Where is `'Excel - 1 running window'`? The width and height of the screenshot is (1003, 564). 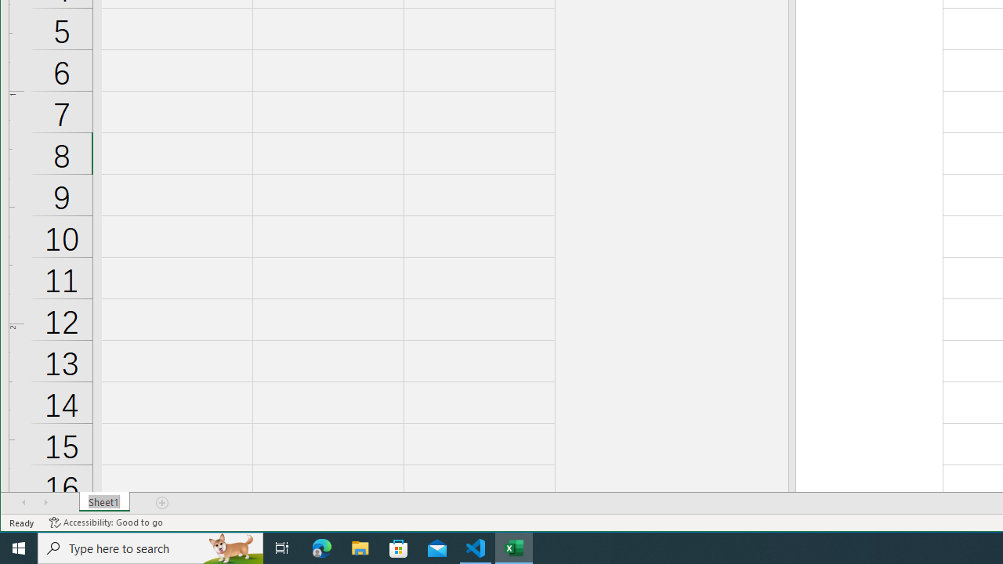
'Excel - 1 running window' is located at coordinates (514, 547).